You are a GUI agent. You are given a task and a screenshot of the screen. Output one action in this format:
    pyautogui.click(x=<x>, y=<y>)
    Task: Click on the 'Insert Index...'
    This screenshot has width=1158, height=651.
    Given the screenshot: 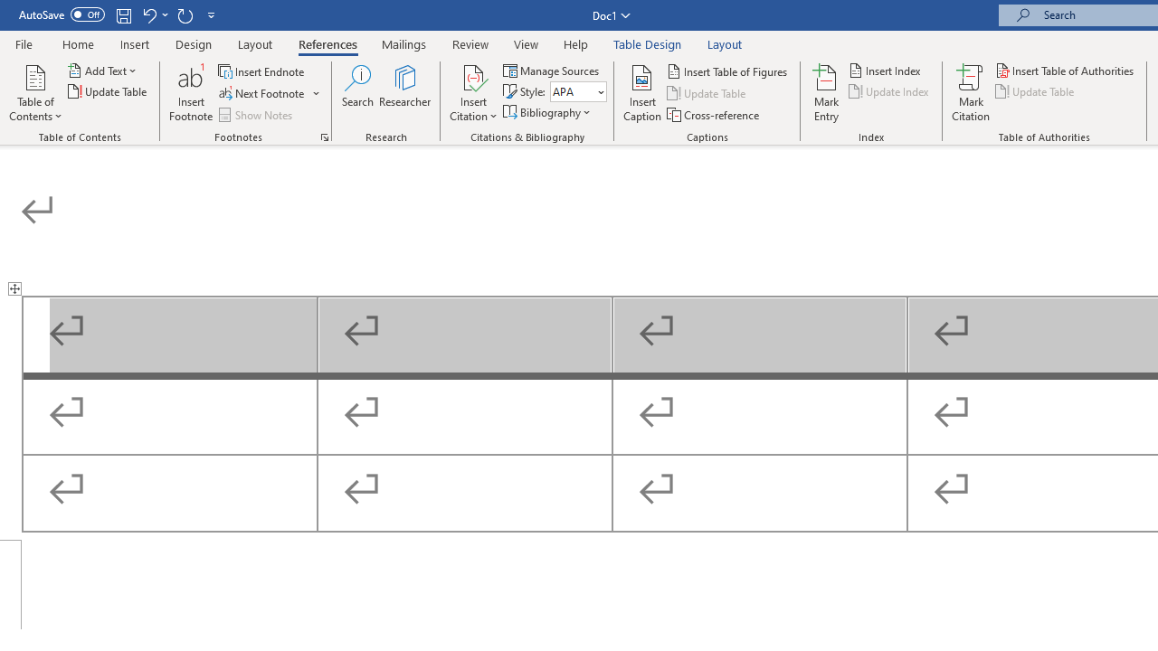 What is the action you would take?
    pyautogui.click(x=886, y=70)
    